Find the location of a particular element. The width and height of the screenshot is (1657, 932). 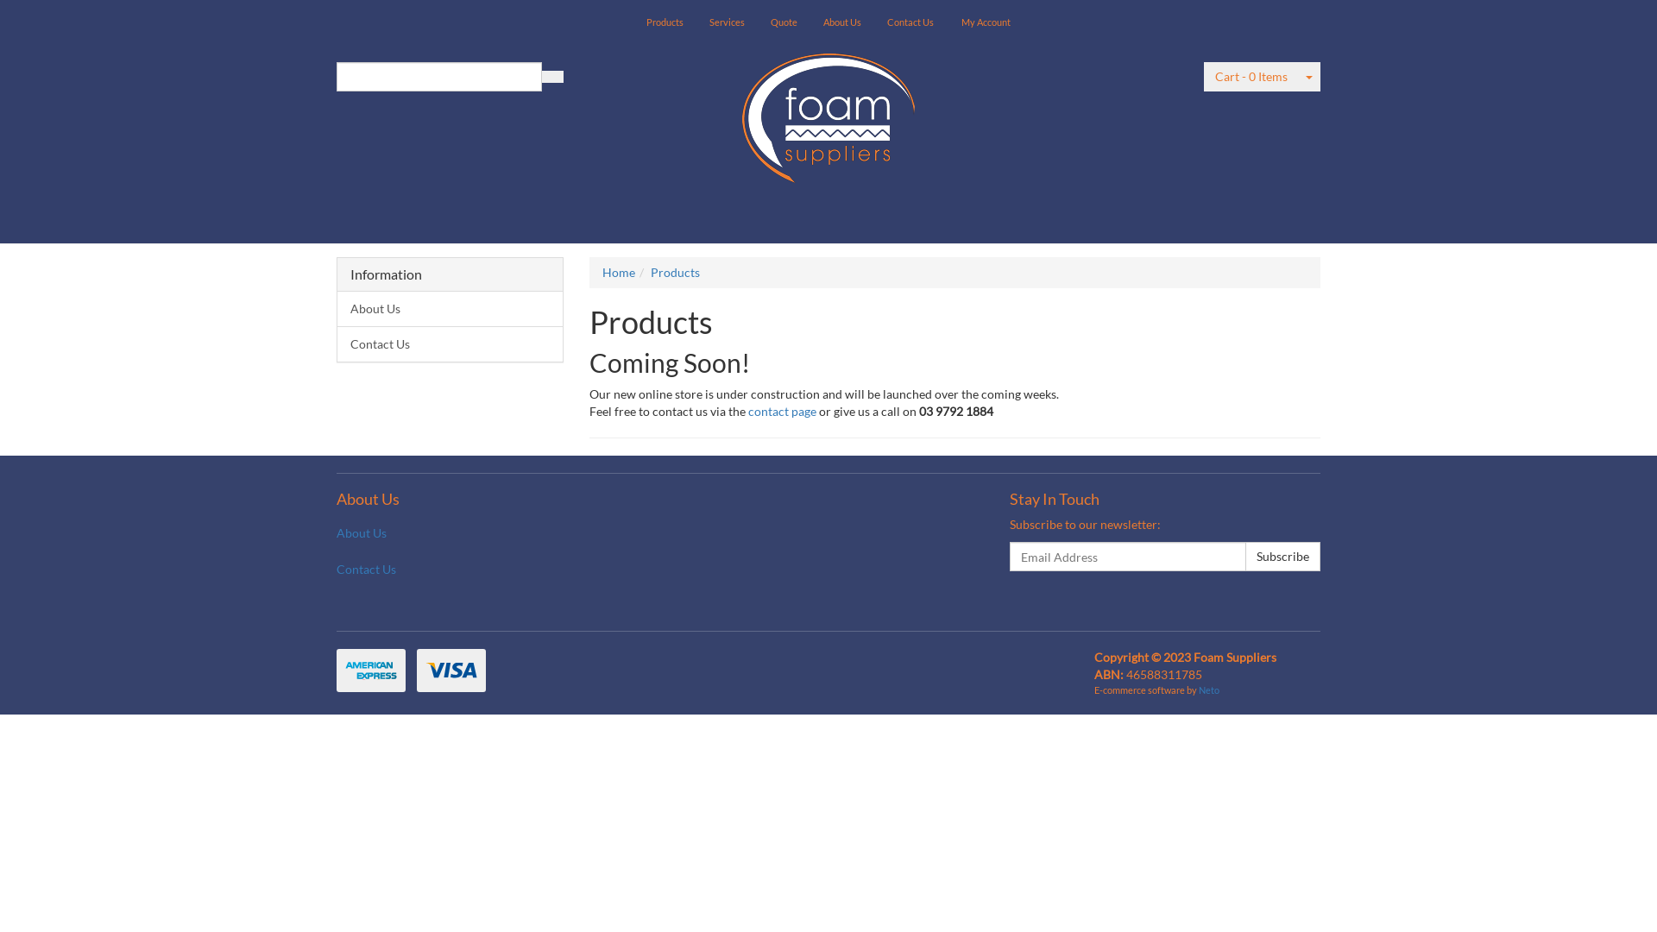

'About Us' is located at coordinates (323, 532).